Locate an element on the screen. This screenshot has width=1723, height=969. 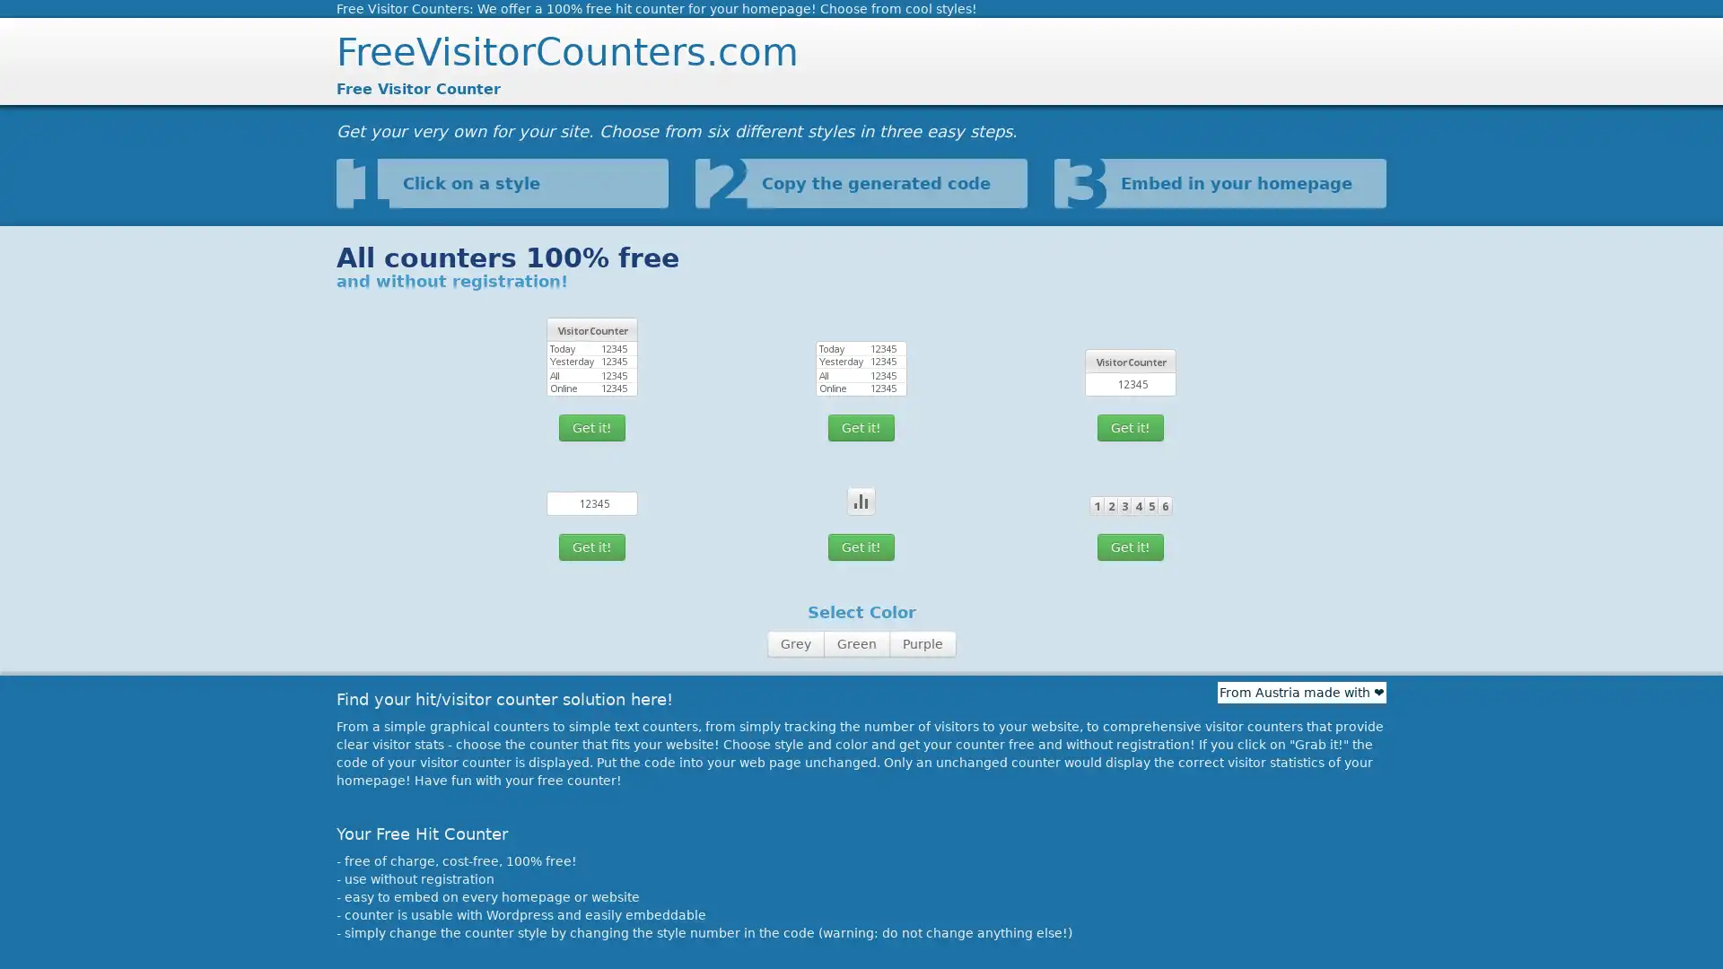
Green is located at coordinates (855, 642).